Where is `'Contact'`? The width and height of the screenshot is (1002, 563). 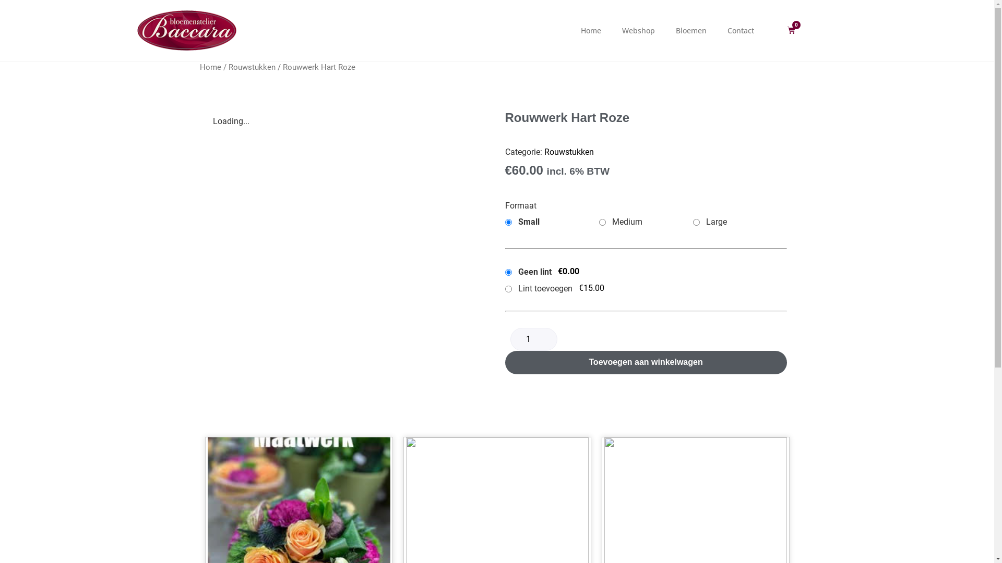 'Contact' is located at coordinates (740, 30).